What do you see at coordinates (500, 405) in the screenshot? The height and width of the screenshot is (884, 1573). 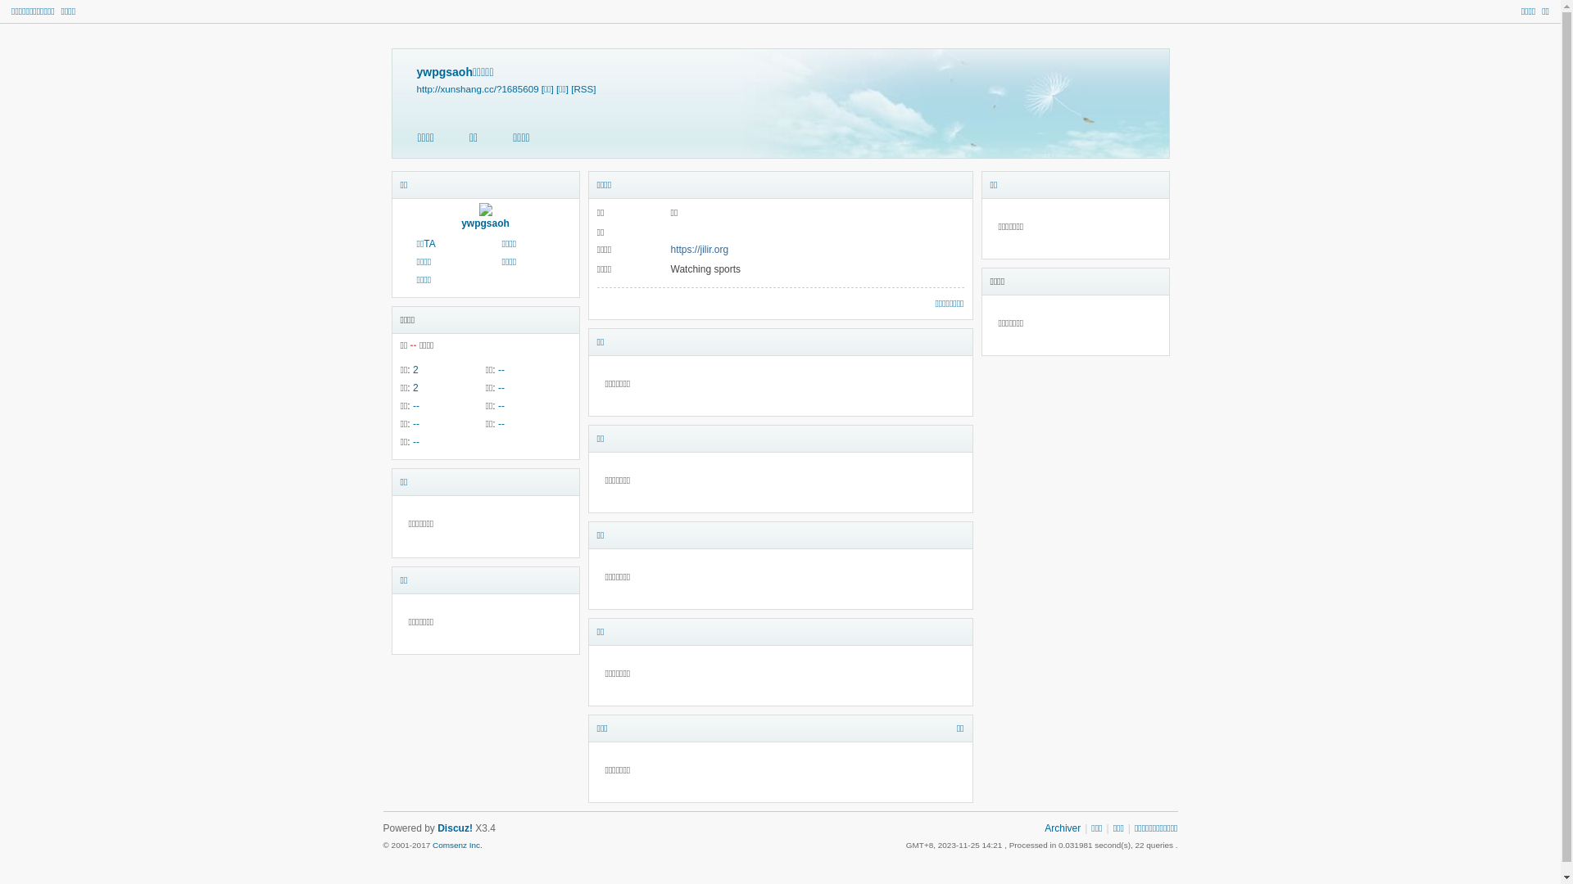 I see `'--'` at bounding box center [500, 405].